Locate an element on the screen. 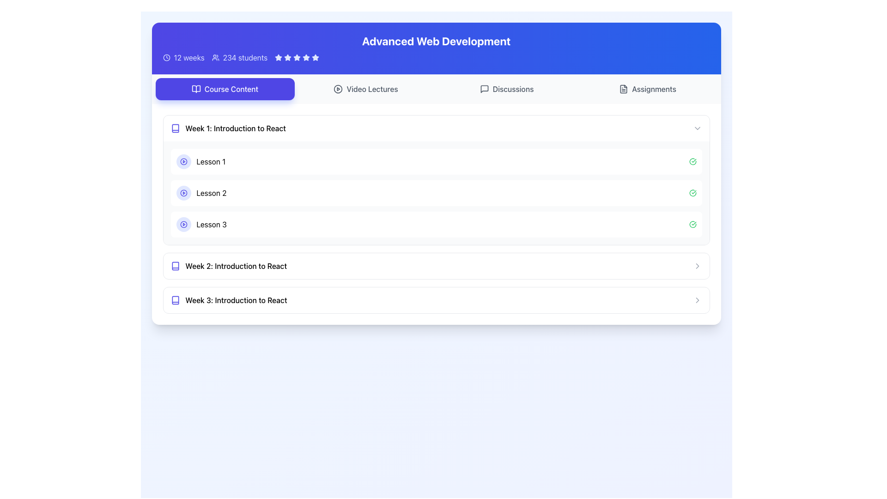 Image resolution: width=887 pixels, height=499 pixels. the right-pointing chevron icon for expansion located at the far-right side of the row labeled 'Week 1: Introduction to React' is located at coordinates (697, 128).